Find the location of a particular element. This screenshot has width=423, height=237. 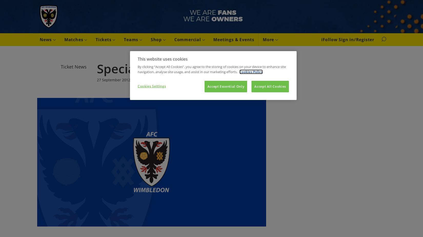

'Tickets' is located at coordinates (104, 39).